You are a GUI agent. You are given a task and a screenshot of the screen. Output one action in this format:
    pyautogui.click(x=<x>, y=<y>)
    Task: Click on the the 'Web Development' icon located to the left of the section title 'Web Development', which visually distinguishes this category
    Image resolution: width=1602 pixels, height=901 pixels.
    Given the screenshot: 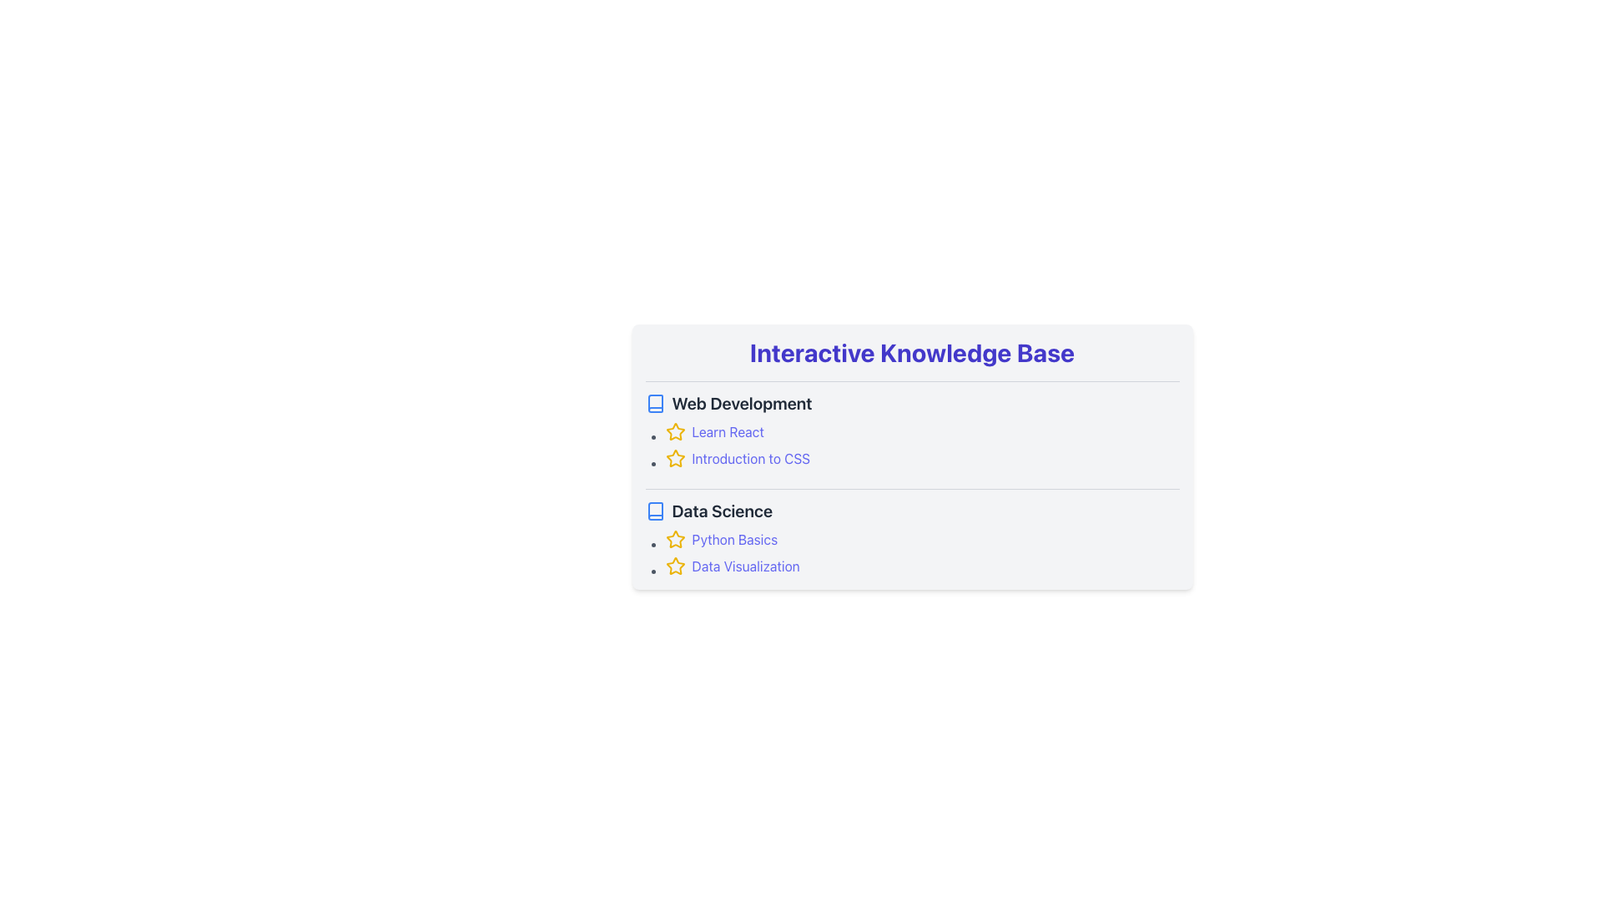 What is the action you would take?
    pyautogui.click(x=654, y=511)
    